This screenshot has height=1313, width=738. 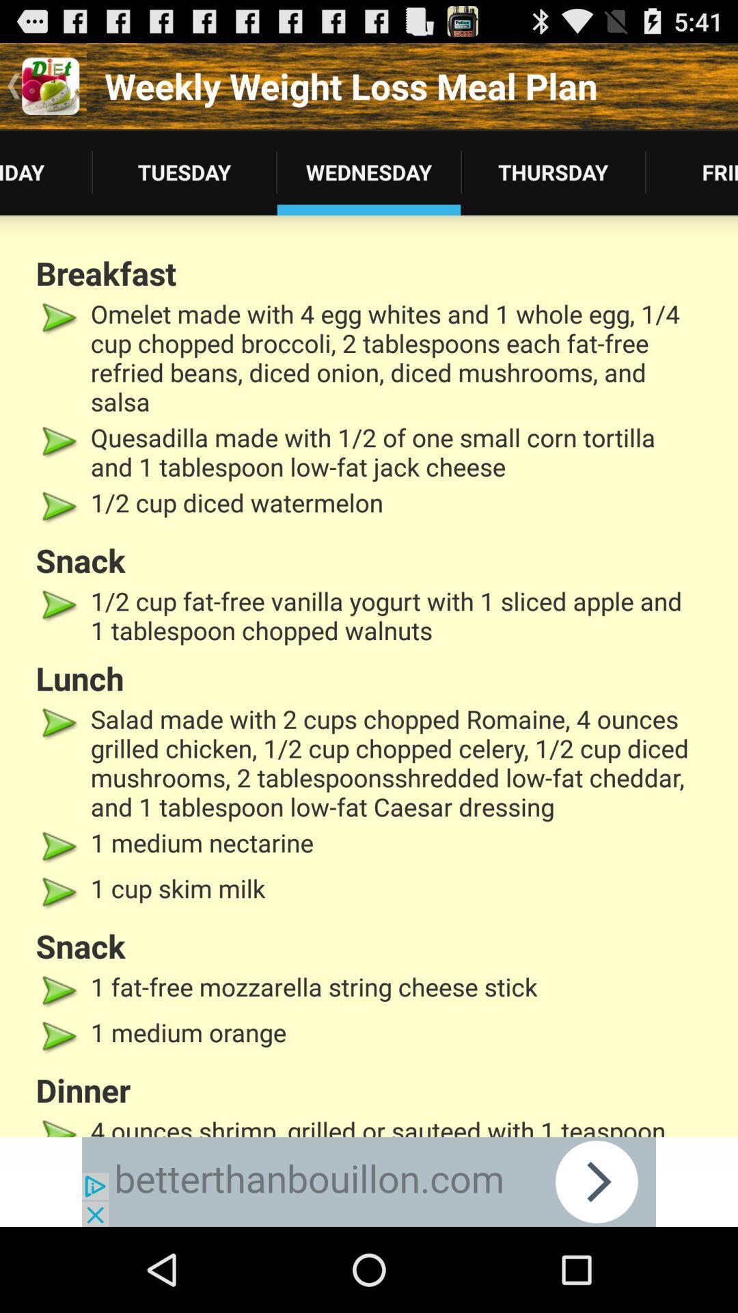 What do you see at coordinates (369, 1181) in the screenshot?
I see `share article` at bounding box center [369, 1181].